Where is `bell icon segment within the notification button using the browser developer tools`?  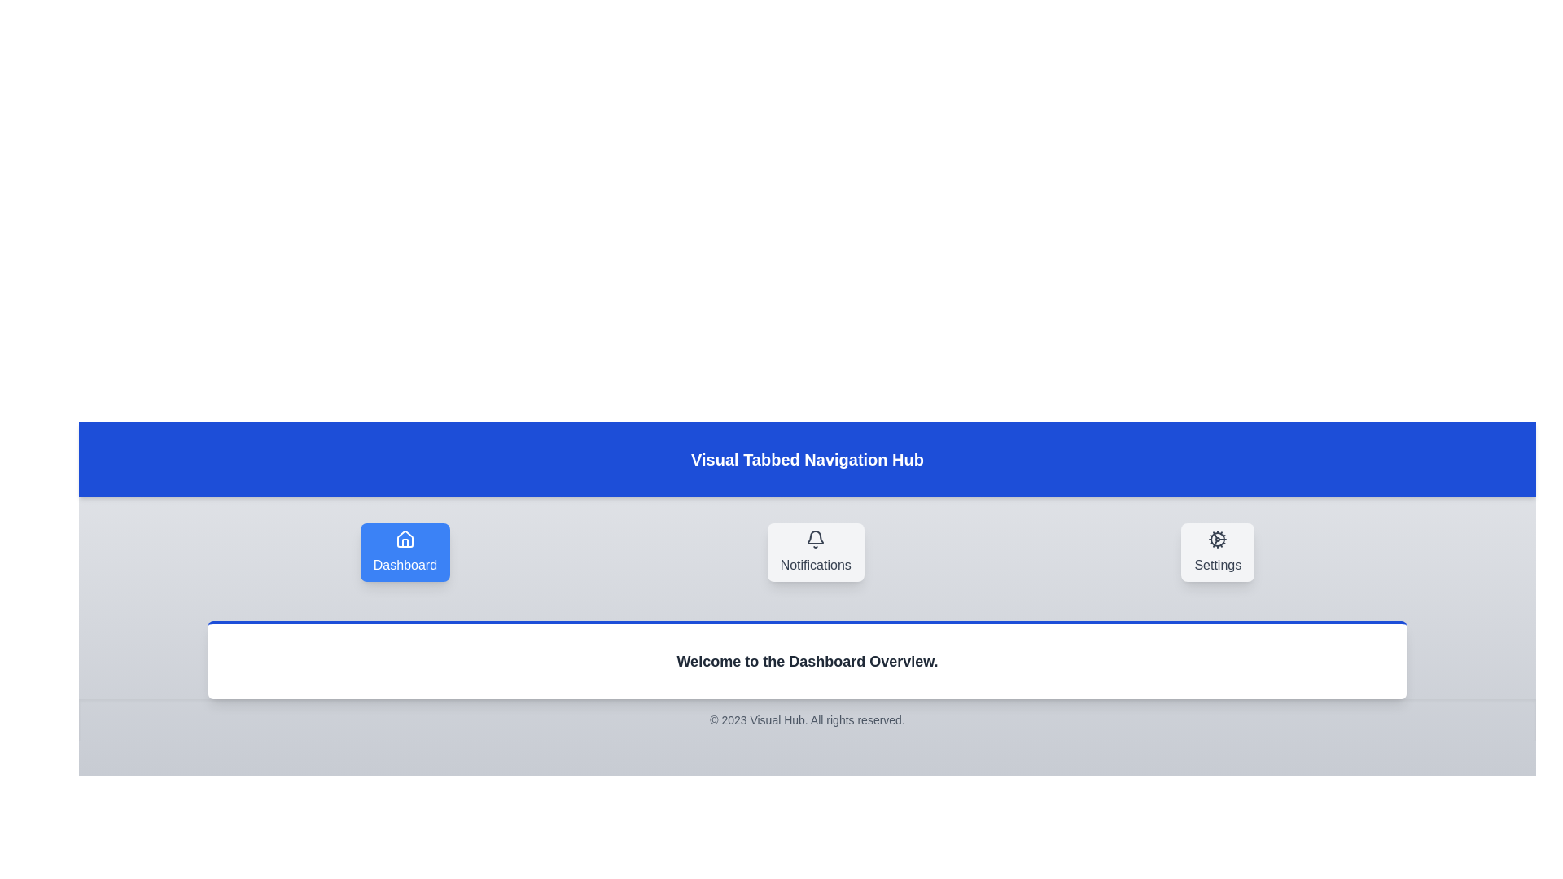 bell icon segment within the notification button using the browser developer tools is located at coordinates (816, 537).